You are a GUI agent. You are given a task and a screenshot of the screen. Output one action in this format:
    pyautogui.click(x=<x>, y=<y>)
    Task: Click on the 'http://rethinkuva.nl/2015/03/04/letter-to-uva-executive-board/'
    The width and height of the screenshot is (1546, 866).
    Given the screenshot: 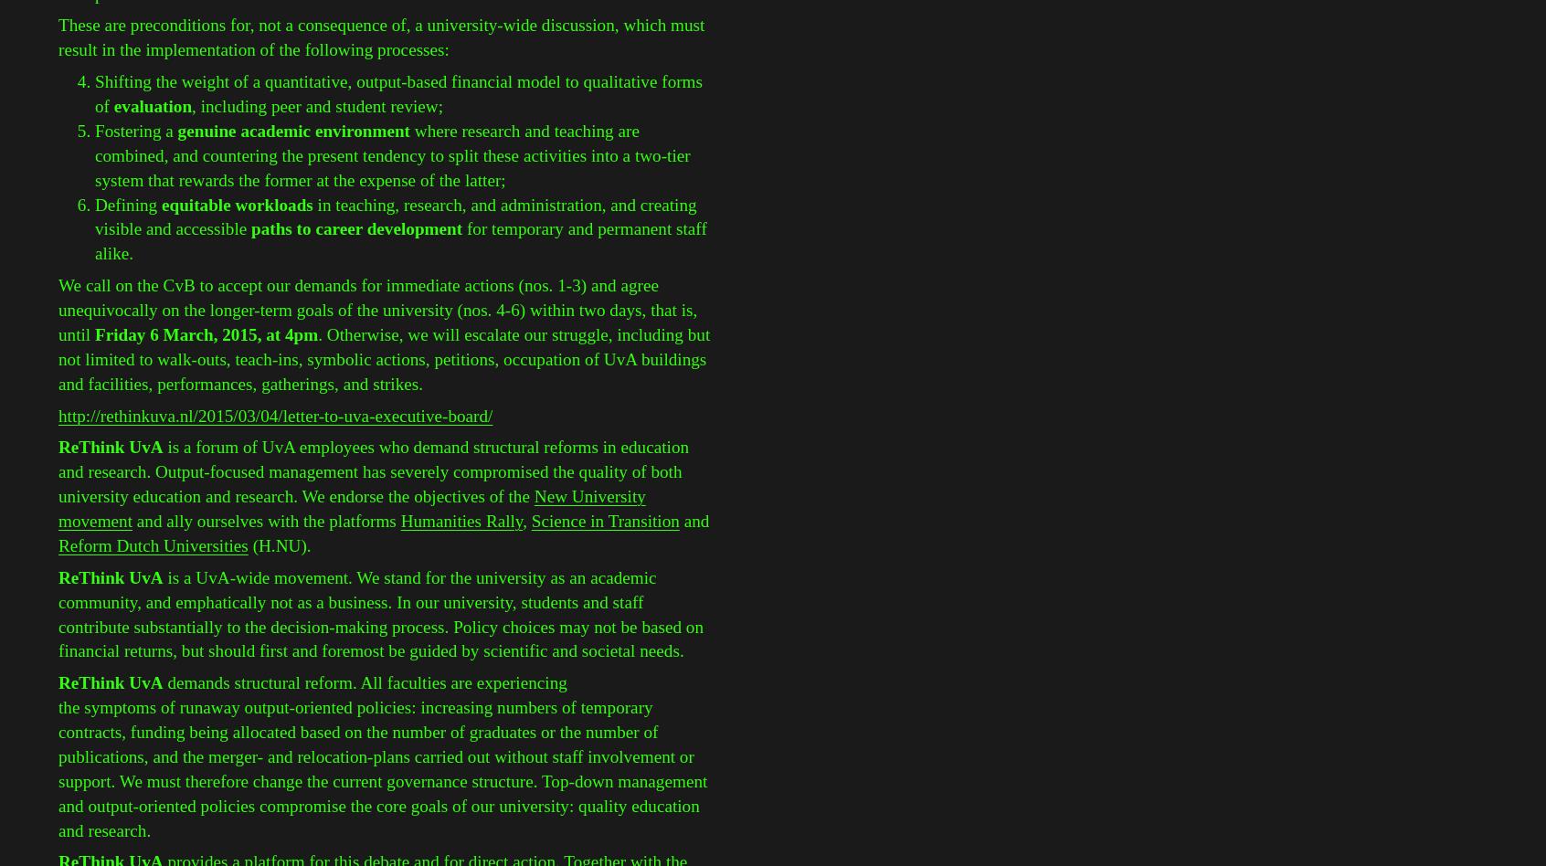 What is the action you would take?
    pyautogui.click(x=274, y=414)
    